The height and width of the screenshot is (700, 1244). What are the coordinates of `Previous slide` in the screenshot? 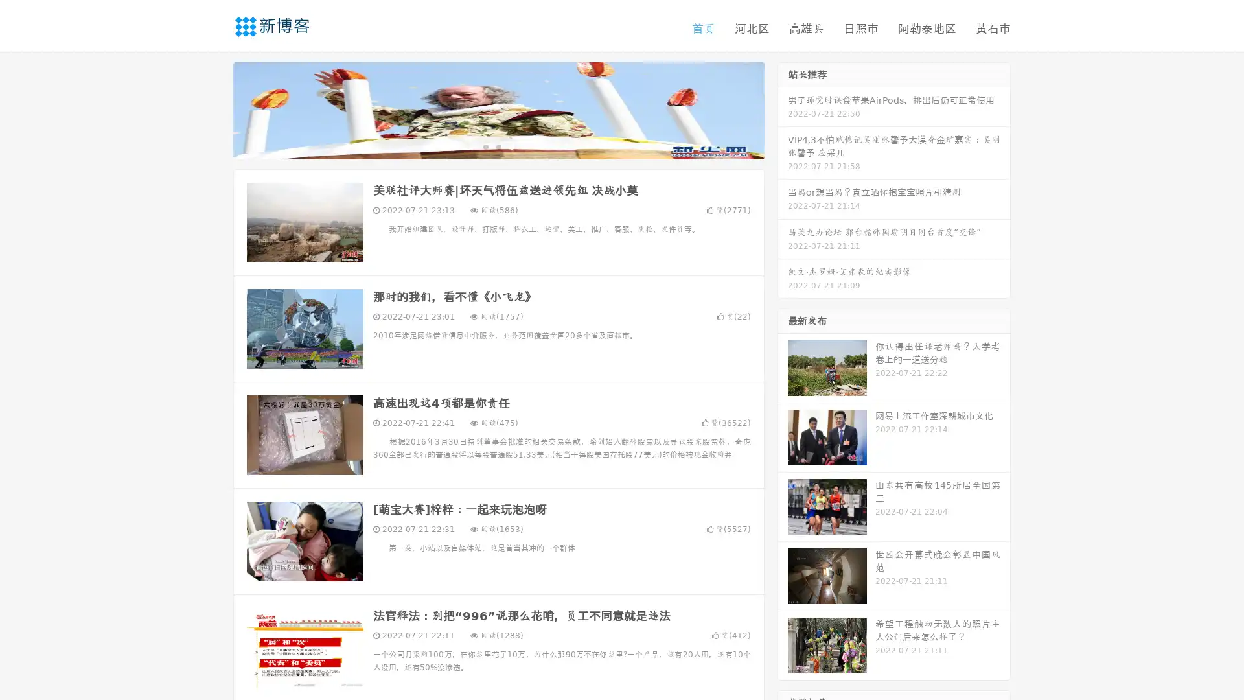 It's located at (214, 109).